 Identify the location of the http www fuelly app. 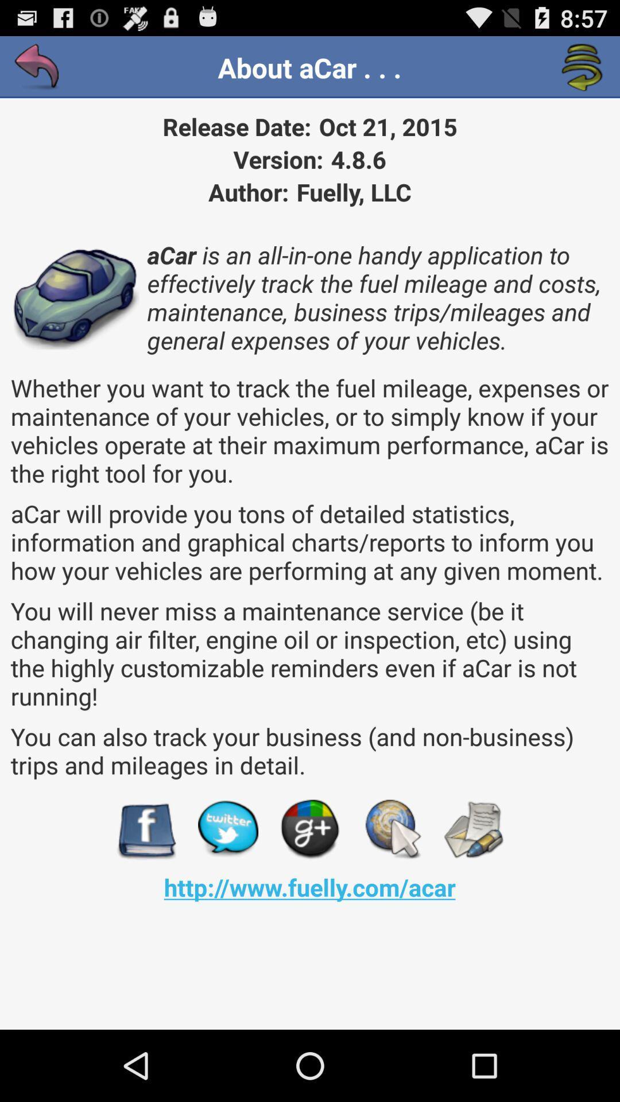
(309, 886).